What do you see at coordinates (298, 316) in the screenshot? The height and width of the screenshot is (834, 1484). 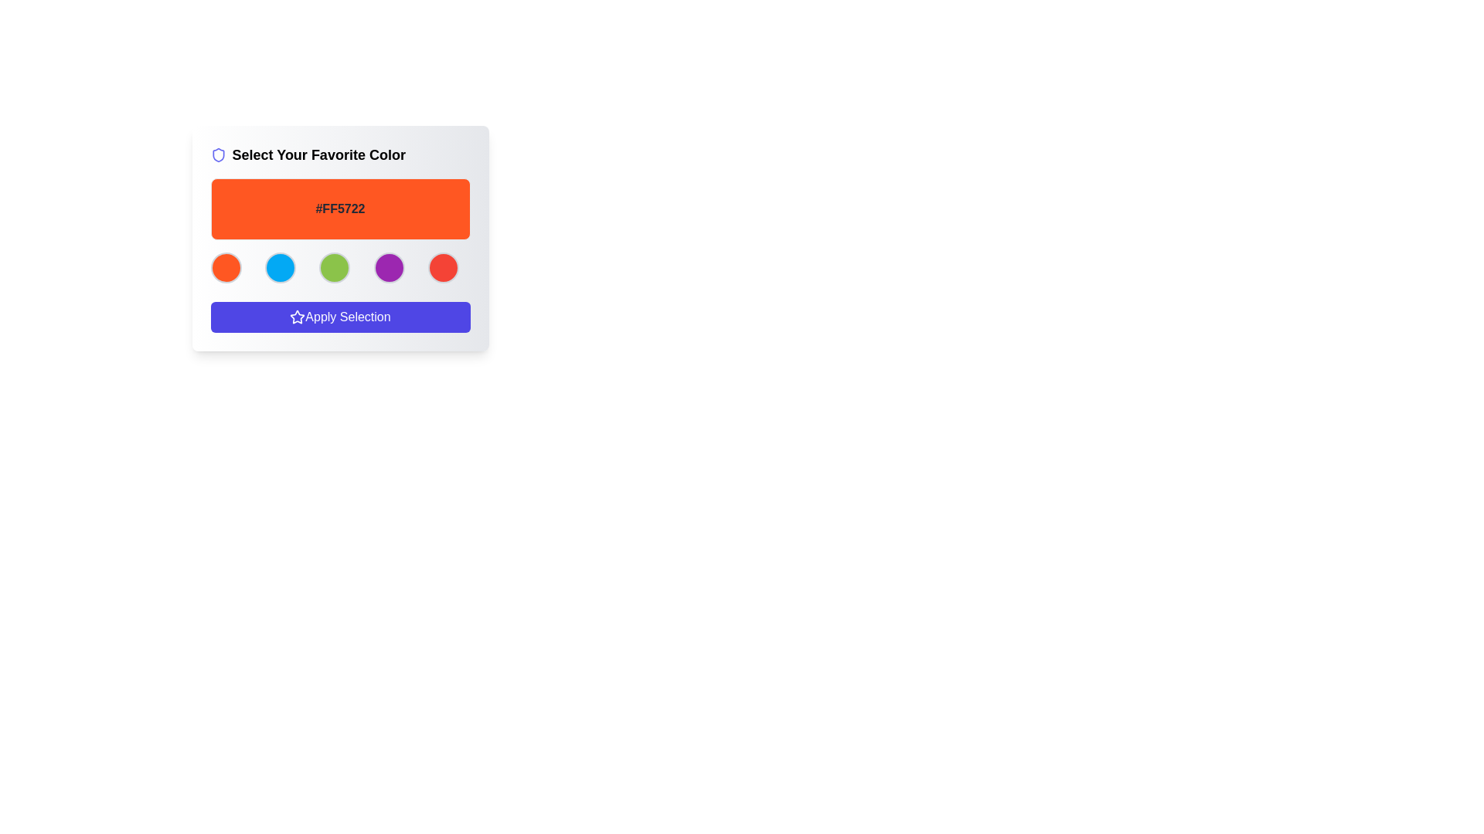 I see `the icon centered within the button located at the bottom of the panel under the Apply Selection button` at bounding box center [298, 316].